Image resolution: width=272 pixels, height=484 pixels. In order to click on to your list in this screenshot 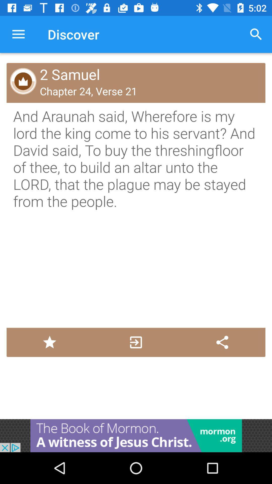, I will do `click(50, 342)`.